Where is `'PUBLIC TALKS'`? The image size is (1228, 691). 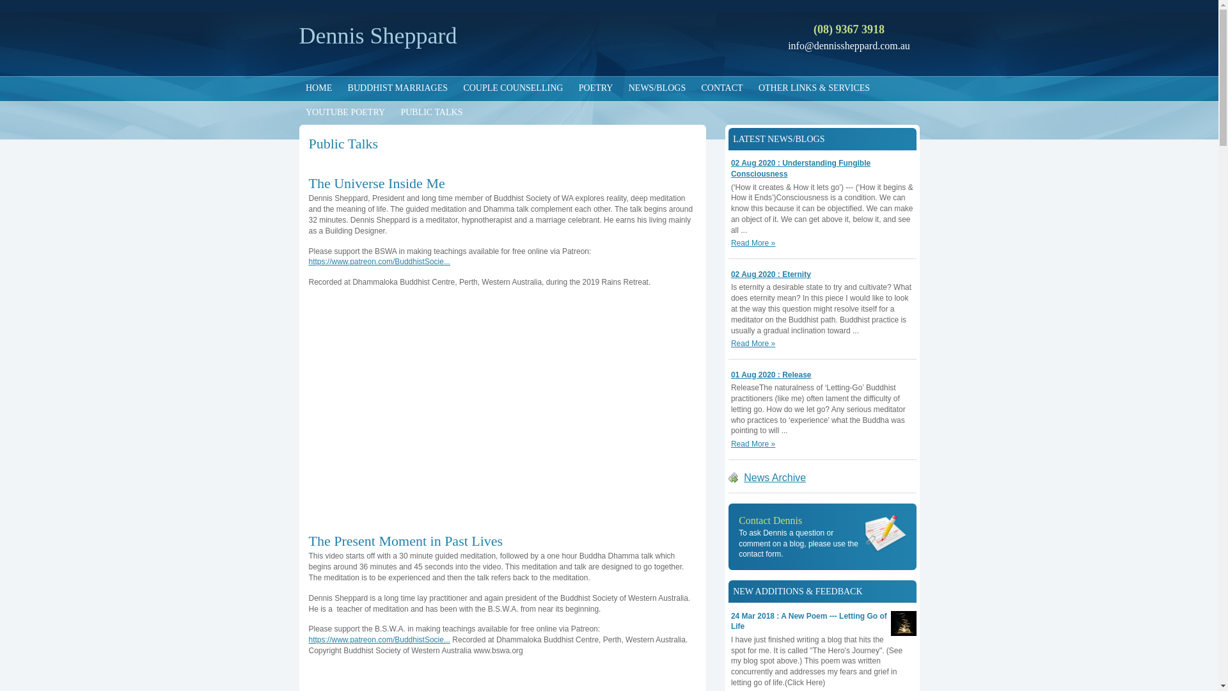
'PUBLIC TALKS' is located at coordinates (432, 112).